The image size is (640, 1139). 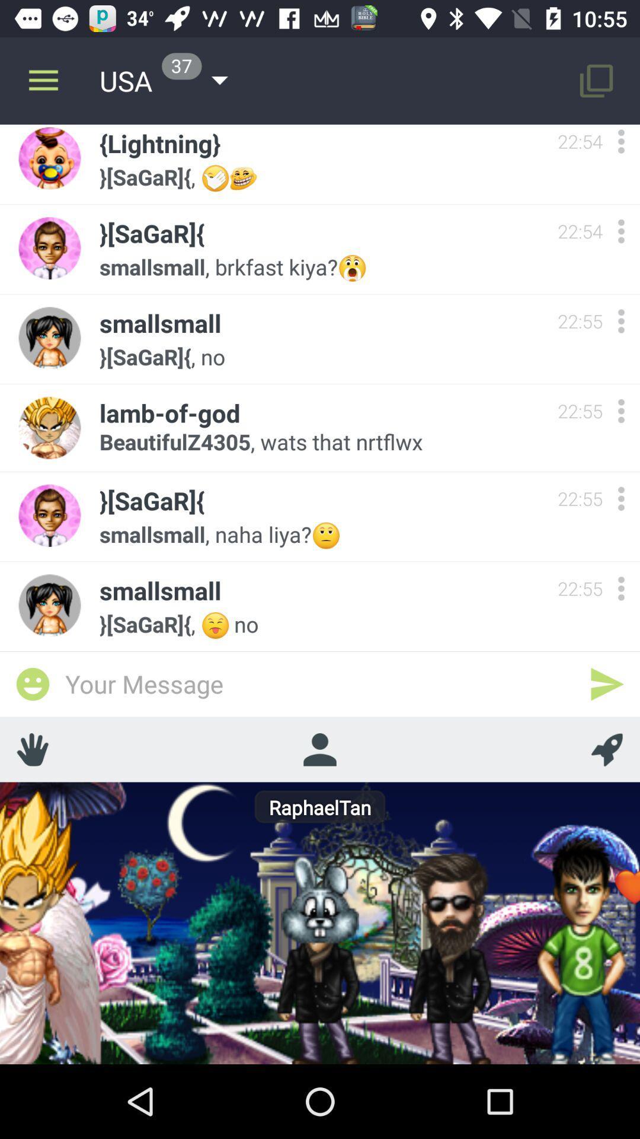 I want to click on menu option, so click(x=620, y=411).